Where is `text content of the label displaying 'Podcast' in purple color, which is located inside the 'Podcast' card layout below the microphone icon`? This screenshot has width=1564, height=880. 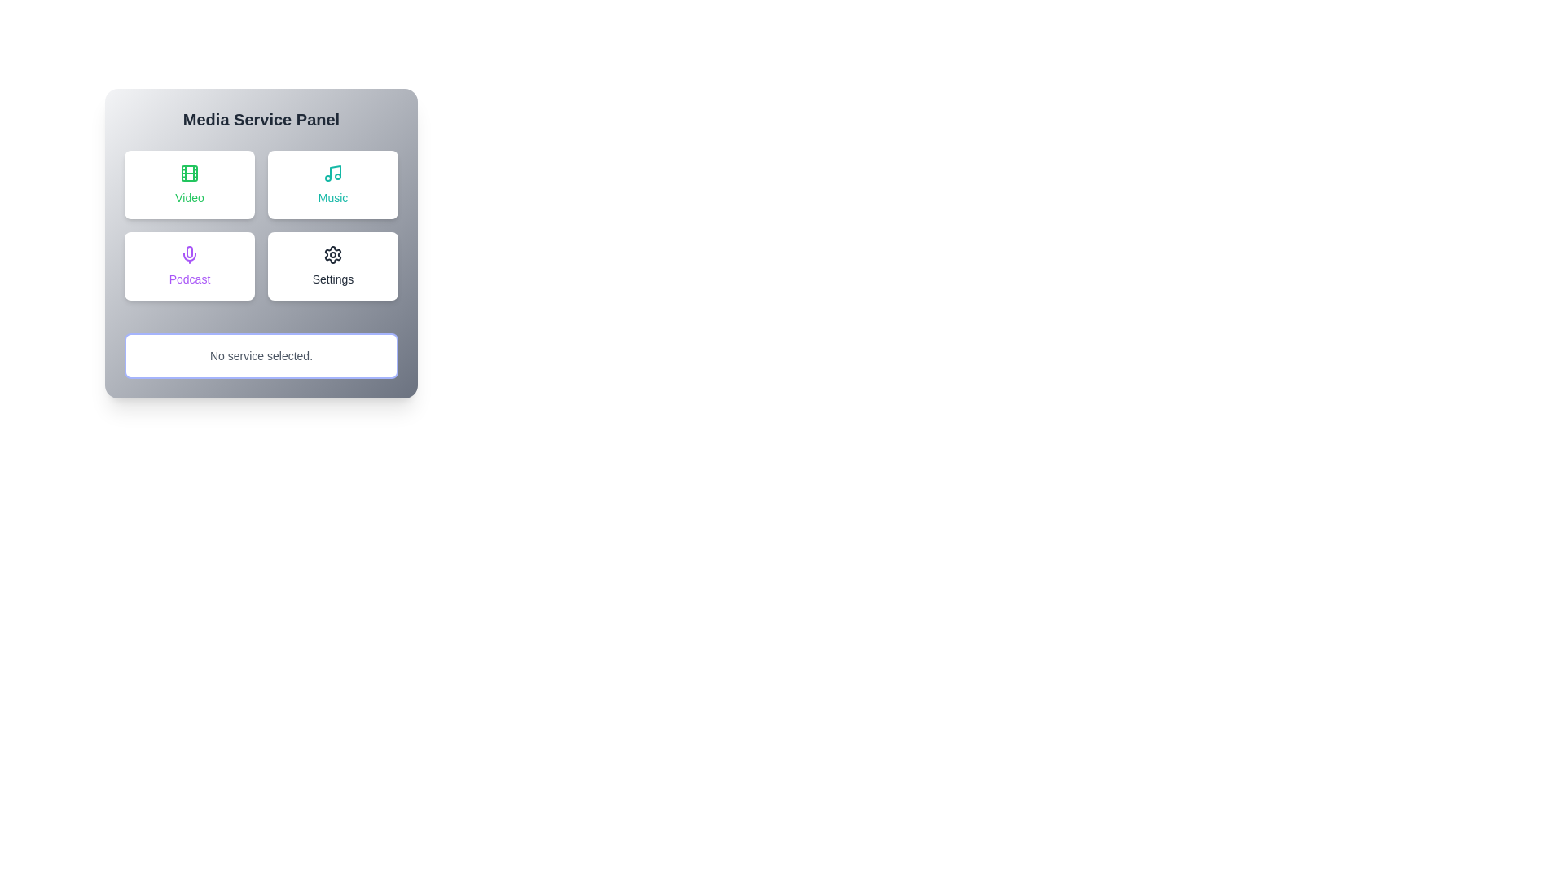 text content of the label displaying 'Podcast' in purple color, which is located inside the 'Podcast' card layout below the microphone icon is located at coordinates (190, 279).